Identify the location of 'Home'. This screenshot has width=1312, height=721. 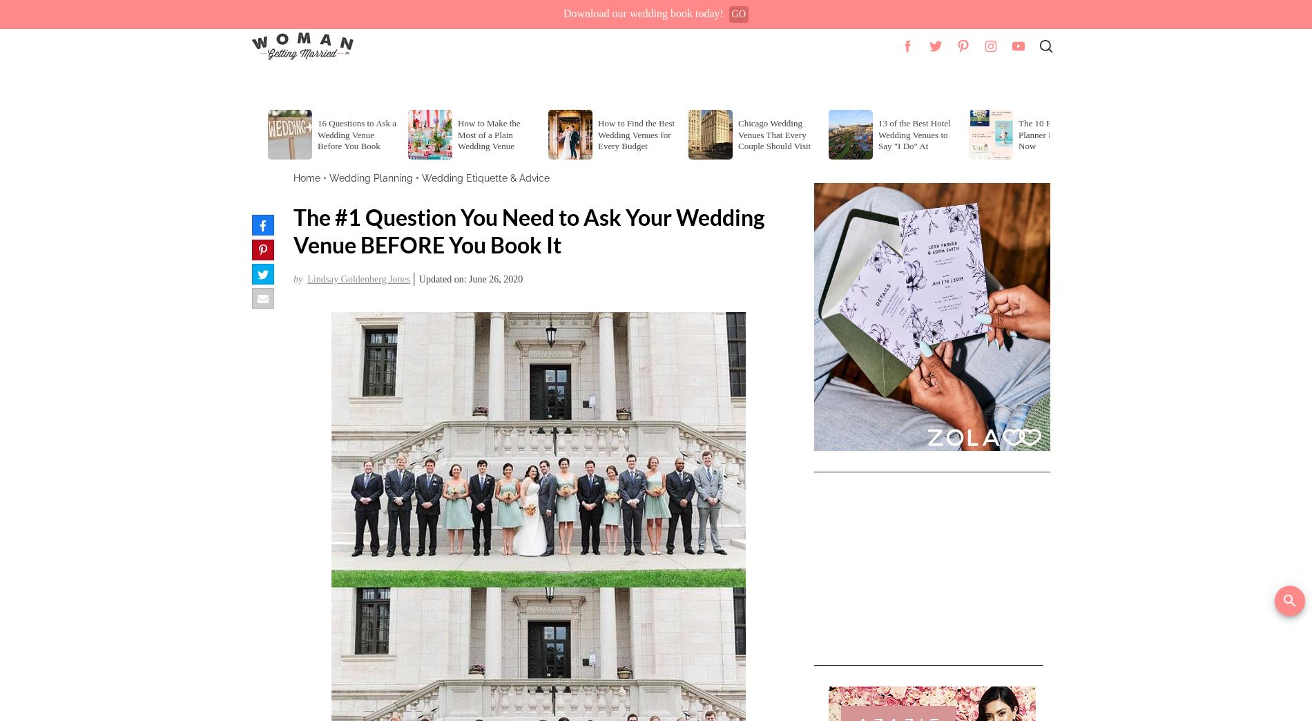
(306, 177).